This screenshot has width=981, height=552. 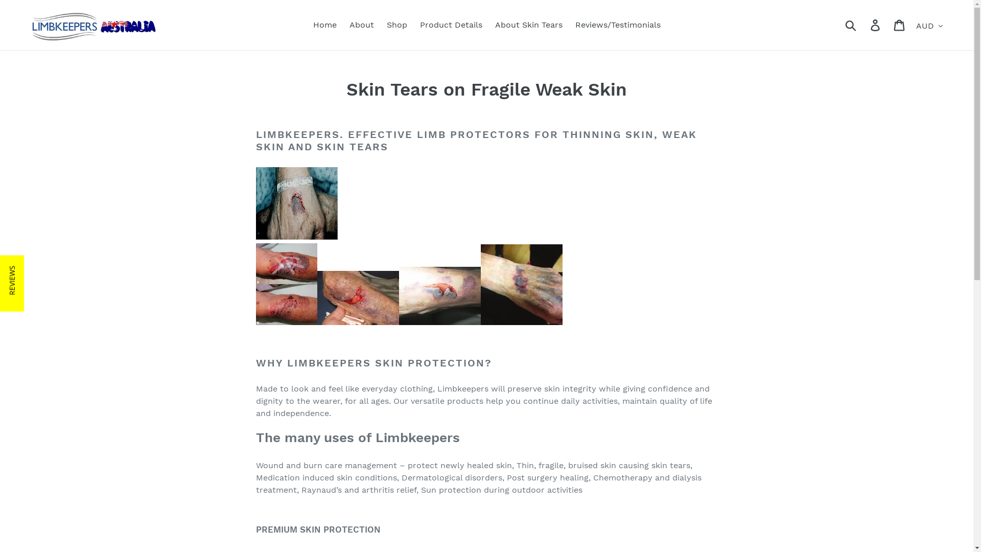 What do you see at coordinates (414, 25) in the screenshot?
I see `'Product Details'` at bounding box center [414, 25].